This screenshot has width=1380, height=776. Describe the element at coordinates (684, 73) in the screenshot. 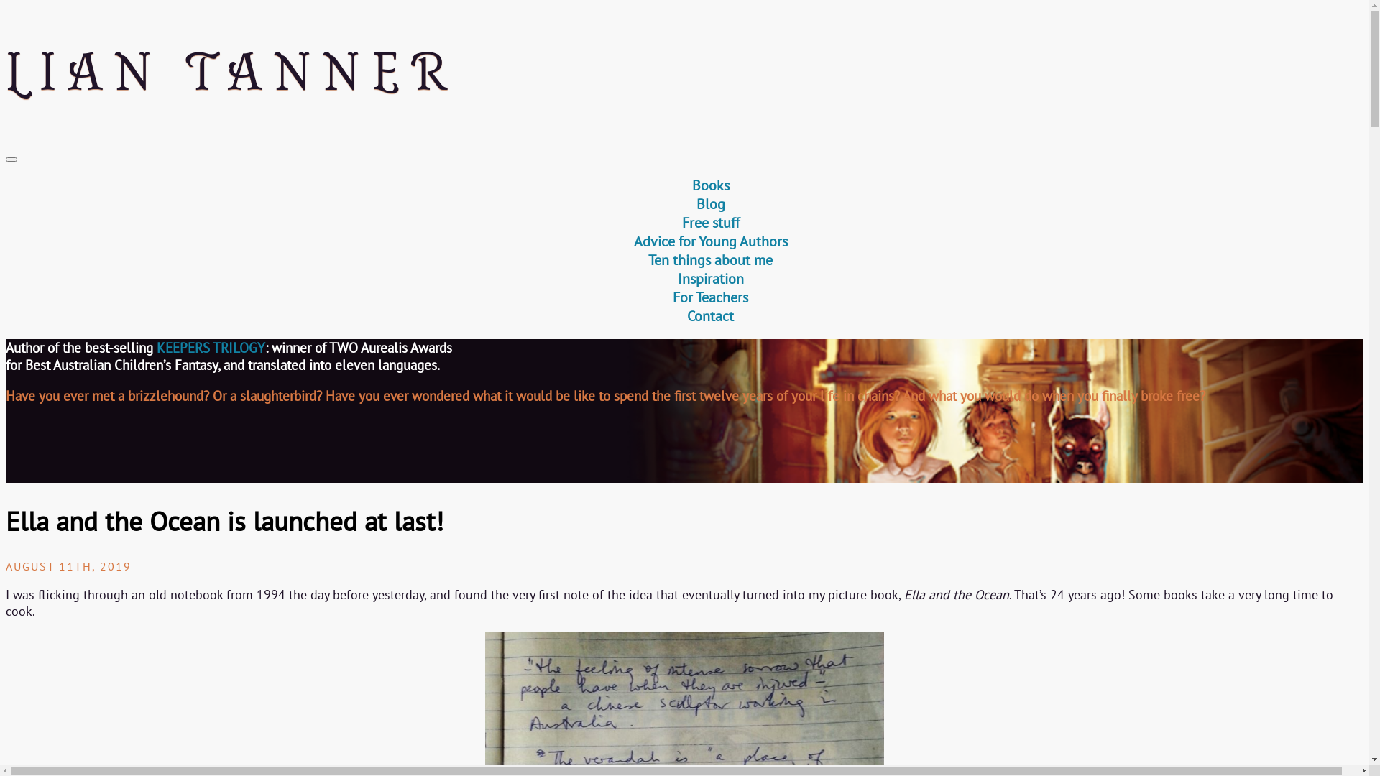

I see `'LIAN TANNER'` at that location.